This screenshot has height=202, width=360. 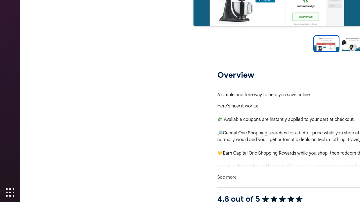 I want to click on 'Preview slide 1', so click(x=326, y=43).